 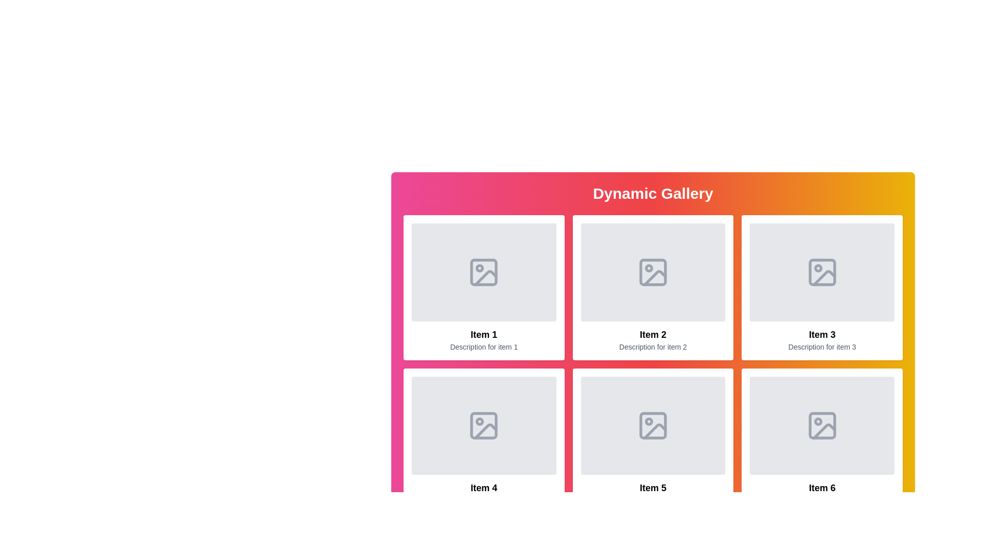 What do you see at coordinates (483, 441) in the screenshot?
I see `the static information card located in the second row, first column of the grid layout, which displays an item title, description, and an image placeholder` at bounding box center [483, 441].